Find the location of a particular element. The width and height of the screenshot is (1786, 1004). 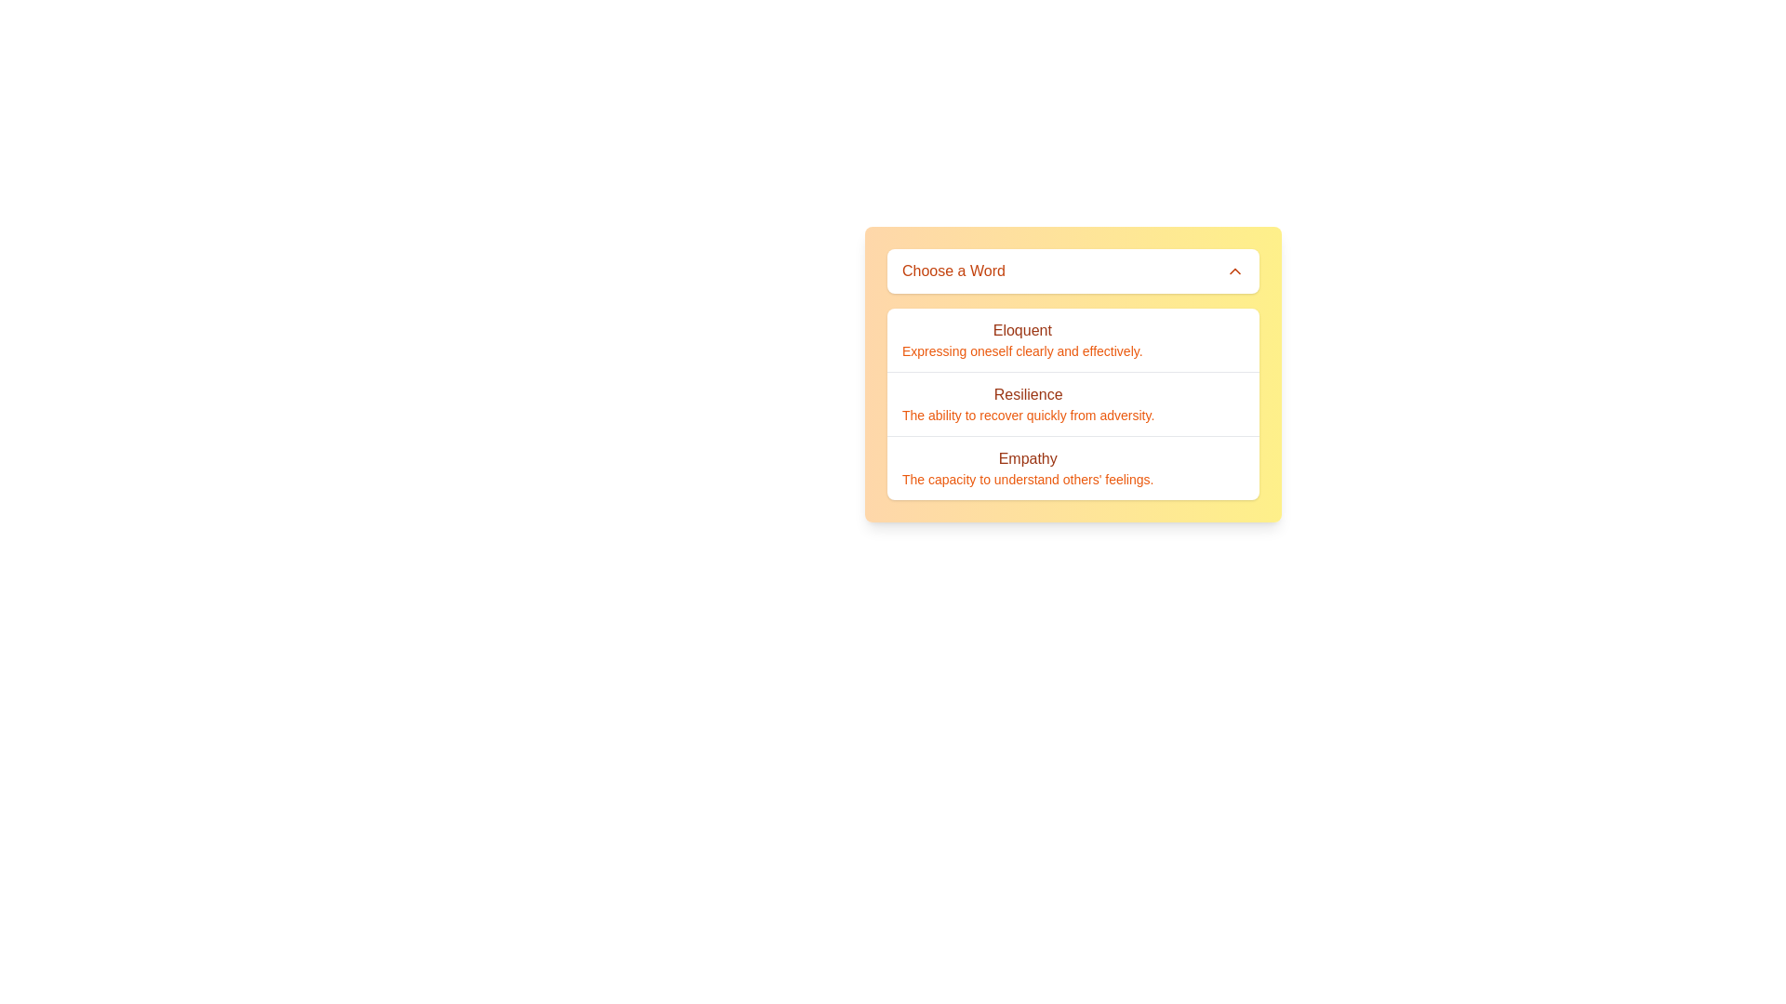

the text block displaying the title 'Resilience' in medium-weight orange-brown text, which is positioned centrally within the dropdown menu and is styled with a yellow gradient background is located at coordinates (1027, 403).